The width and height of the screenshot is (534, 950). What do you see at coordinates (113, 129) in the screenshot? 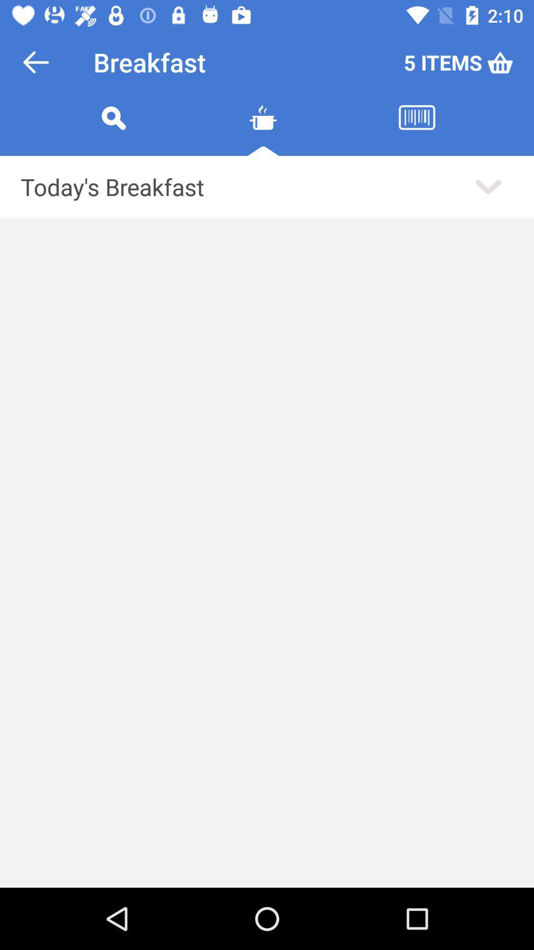
I see `the search icon` at bounding box center [113, 129].